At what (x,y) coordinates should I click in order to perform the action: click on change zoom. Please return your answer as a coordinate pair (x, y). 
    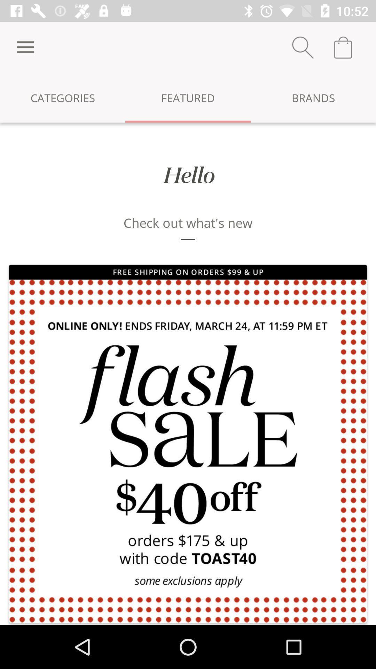
    Looking at the image, I should click on (303, 47).